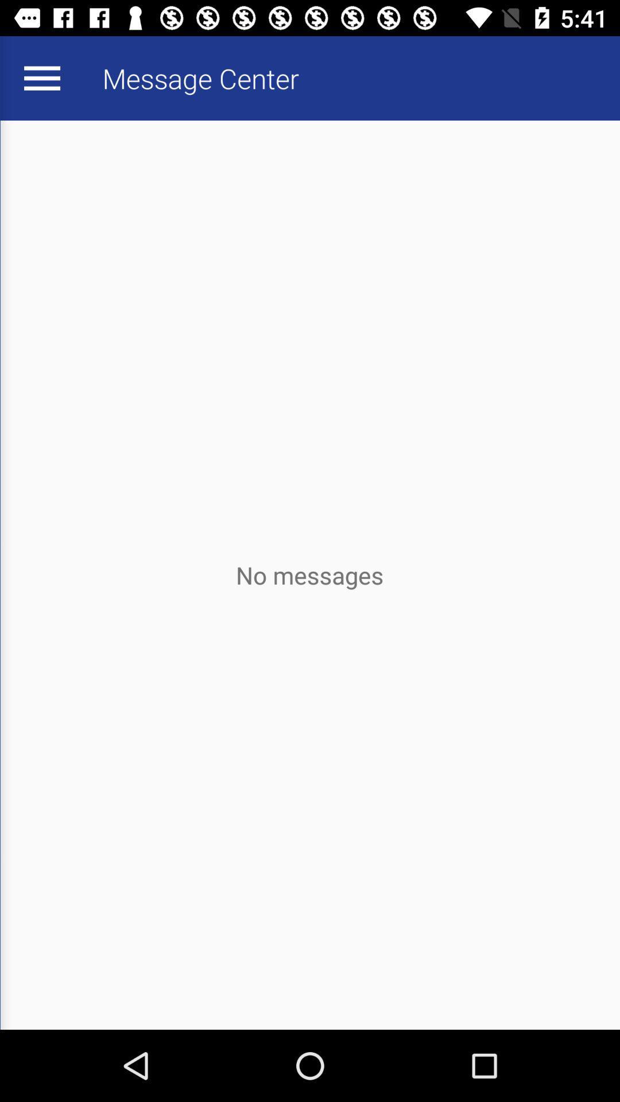  I want to click on open menu, so click(41, 77).